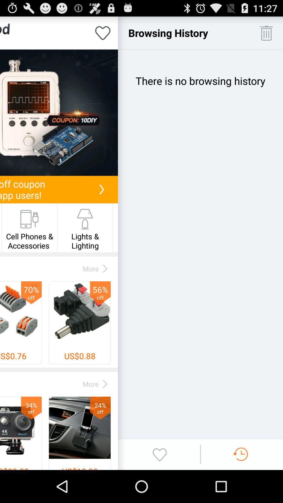 The width and height of the screenshot is (283, 503). What do you see at coordinates (103, 35) in the screenshot?
I see `the favorite icon` at bounding box center [103, 35].